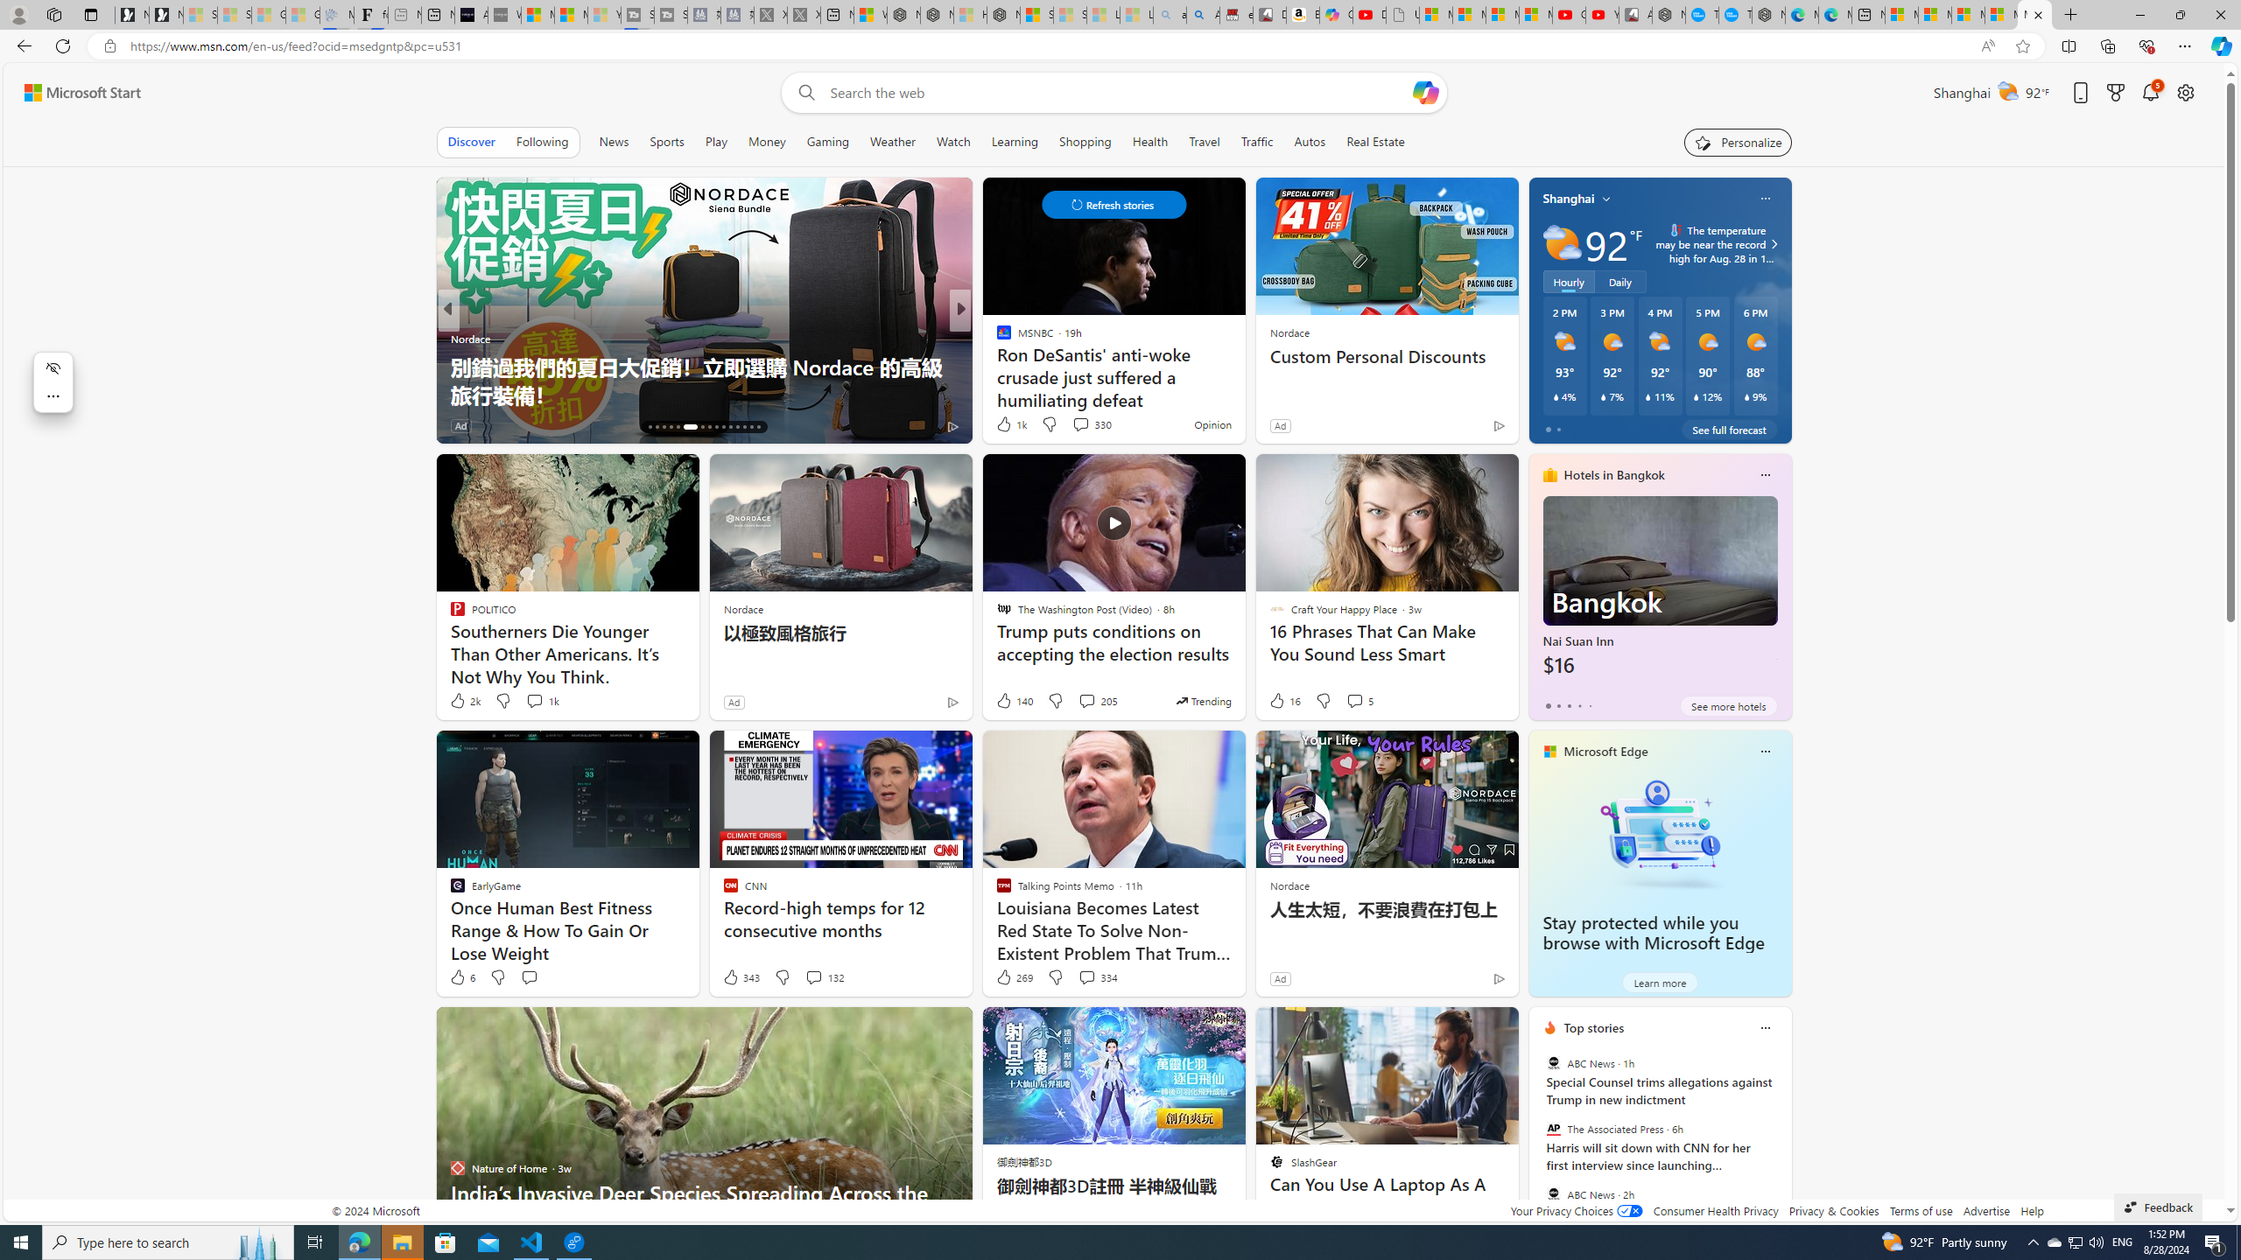  I want to click on 'View comments 205 Comment', so click(1085, 700).